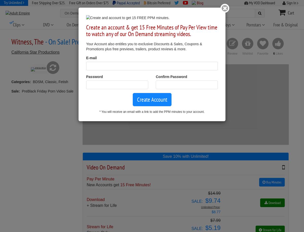  I want to click on 'Your Account also entitles you to exclusive Discounts & Sales, Coupons & Promotions plus free previews, trailers, product reviews & more.', so click(144, 46).